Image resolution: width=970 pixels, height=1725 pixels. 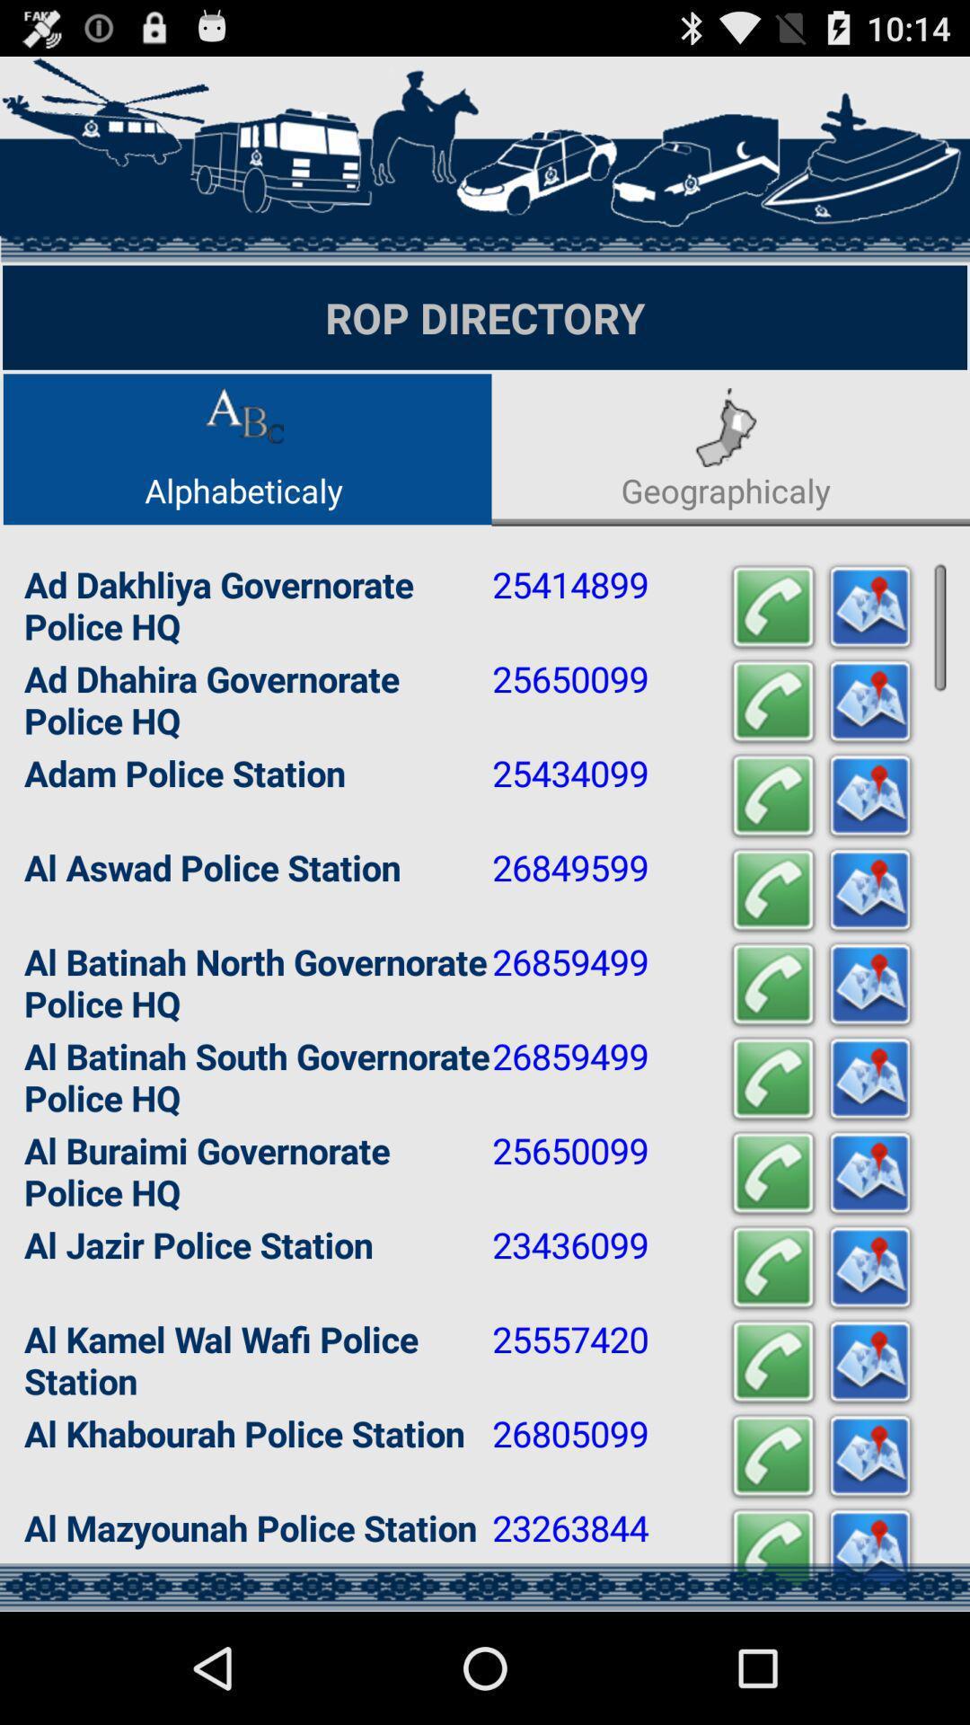 I want to click on call this number, so click(x=772, y=984).